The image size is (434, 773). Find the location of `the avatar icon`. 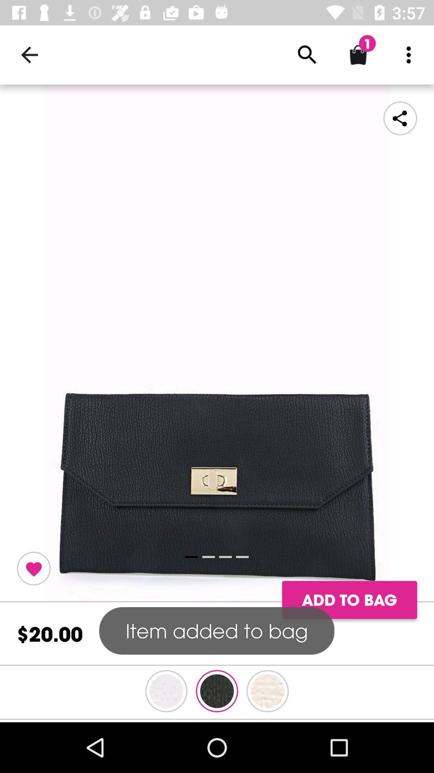

the avatar icon is located at coordinates (268, 690).